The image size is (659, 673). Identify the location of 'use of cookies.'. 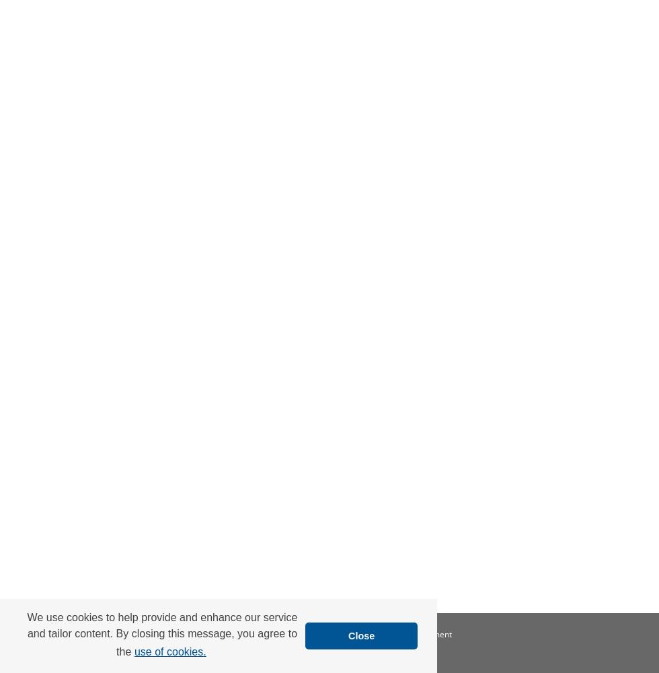
(134, 650).